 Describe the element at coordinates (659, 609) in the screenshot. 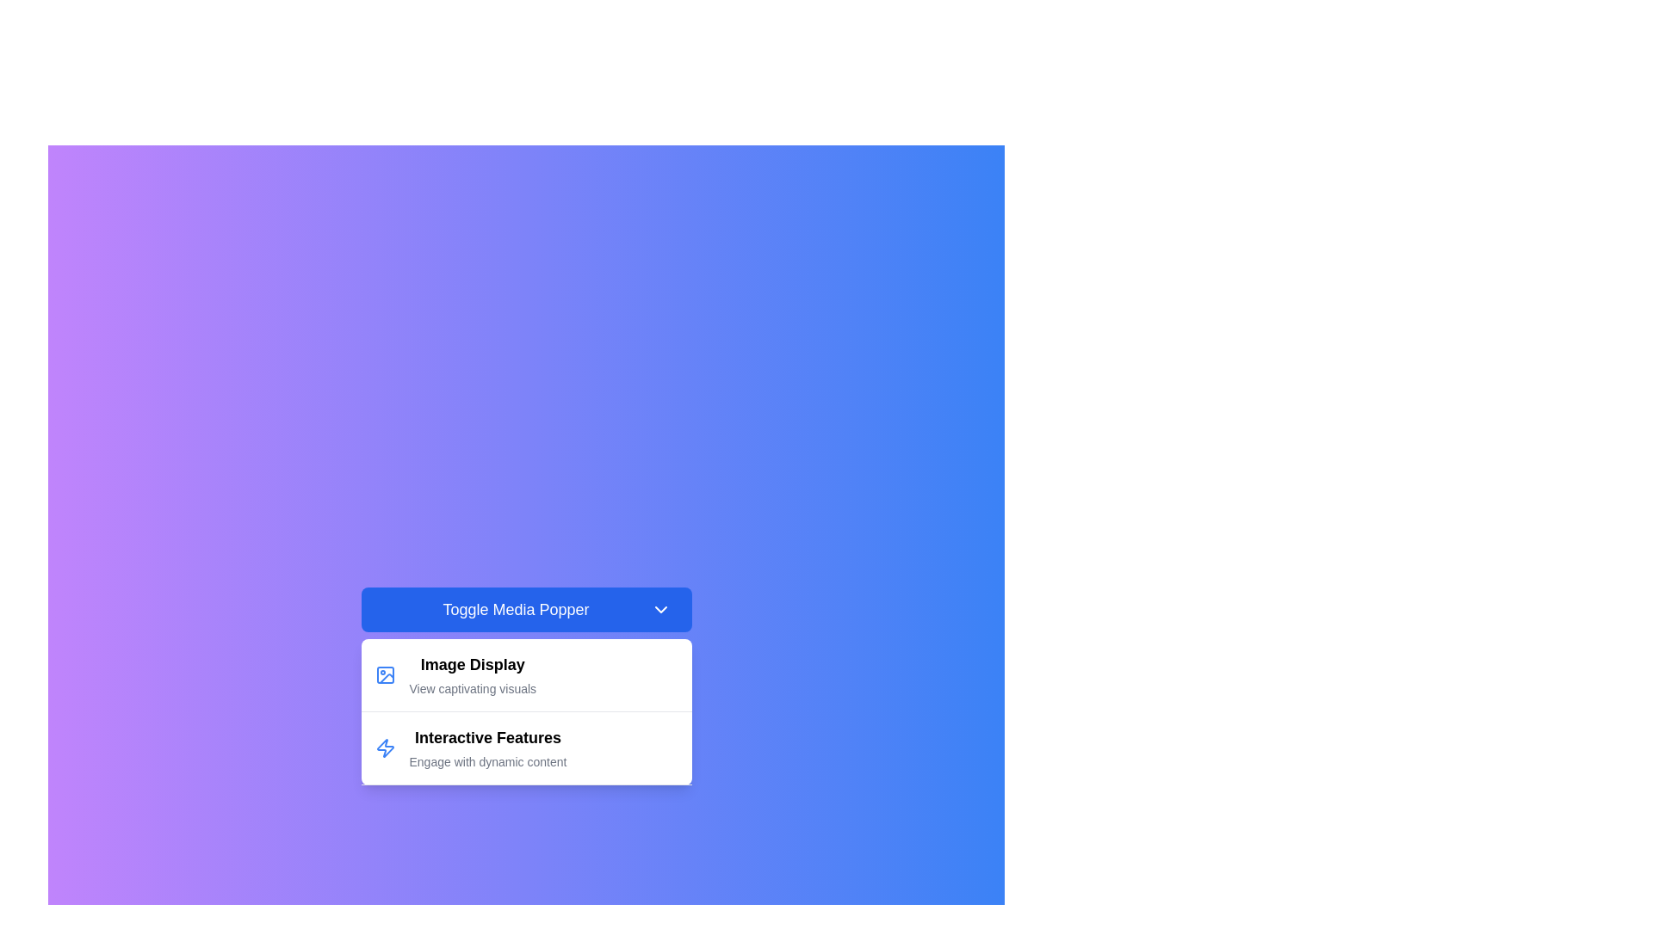

I see `the downward-pointing chevron icon on the blue button labeled 'Toggle Media Popper'` at that location.